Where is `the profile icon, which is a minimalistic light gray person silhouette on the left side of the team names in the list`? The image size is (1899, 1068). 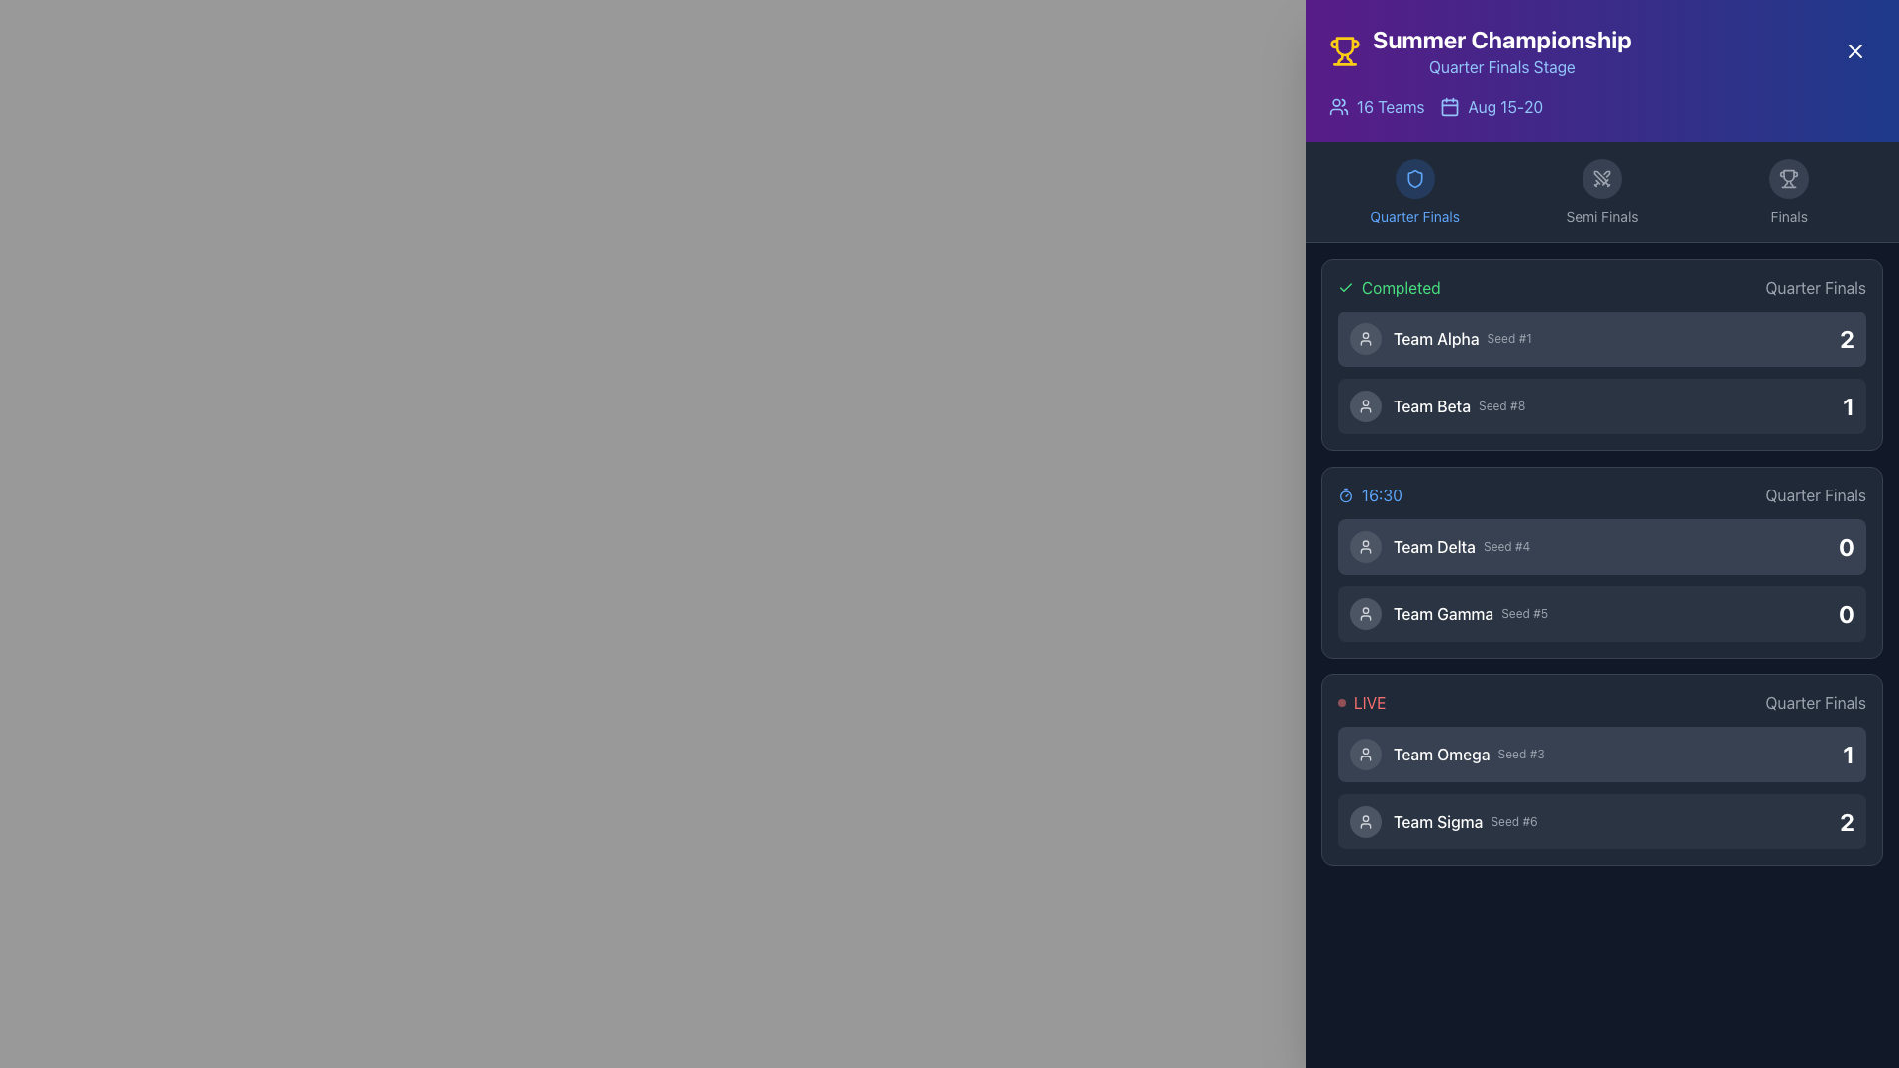
the profile icon, which is a minimalistic light gray person silhouette on the left side of the team names in the list is located at coordinates (1365, 613).